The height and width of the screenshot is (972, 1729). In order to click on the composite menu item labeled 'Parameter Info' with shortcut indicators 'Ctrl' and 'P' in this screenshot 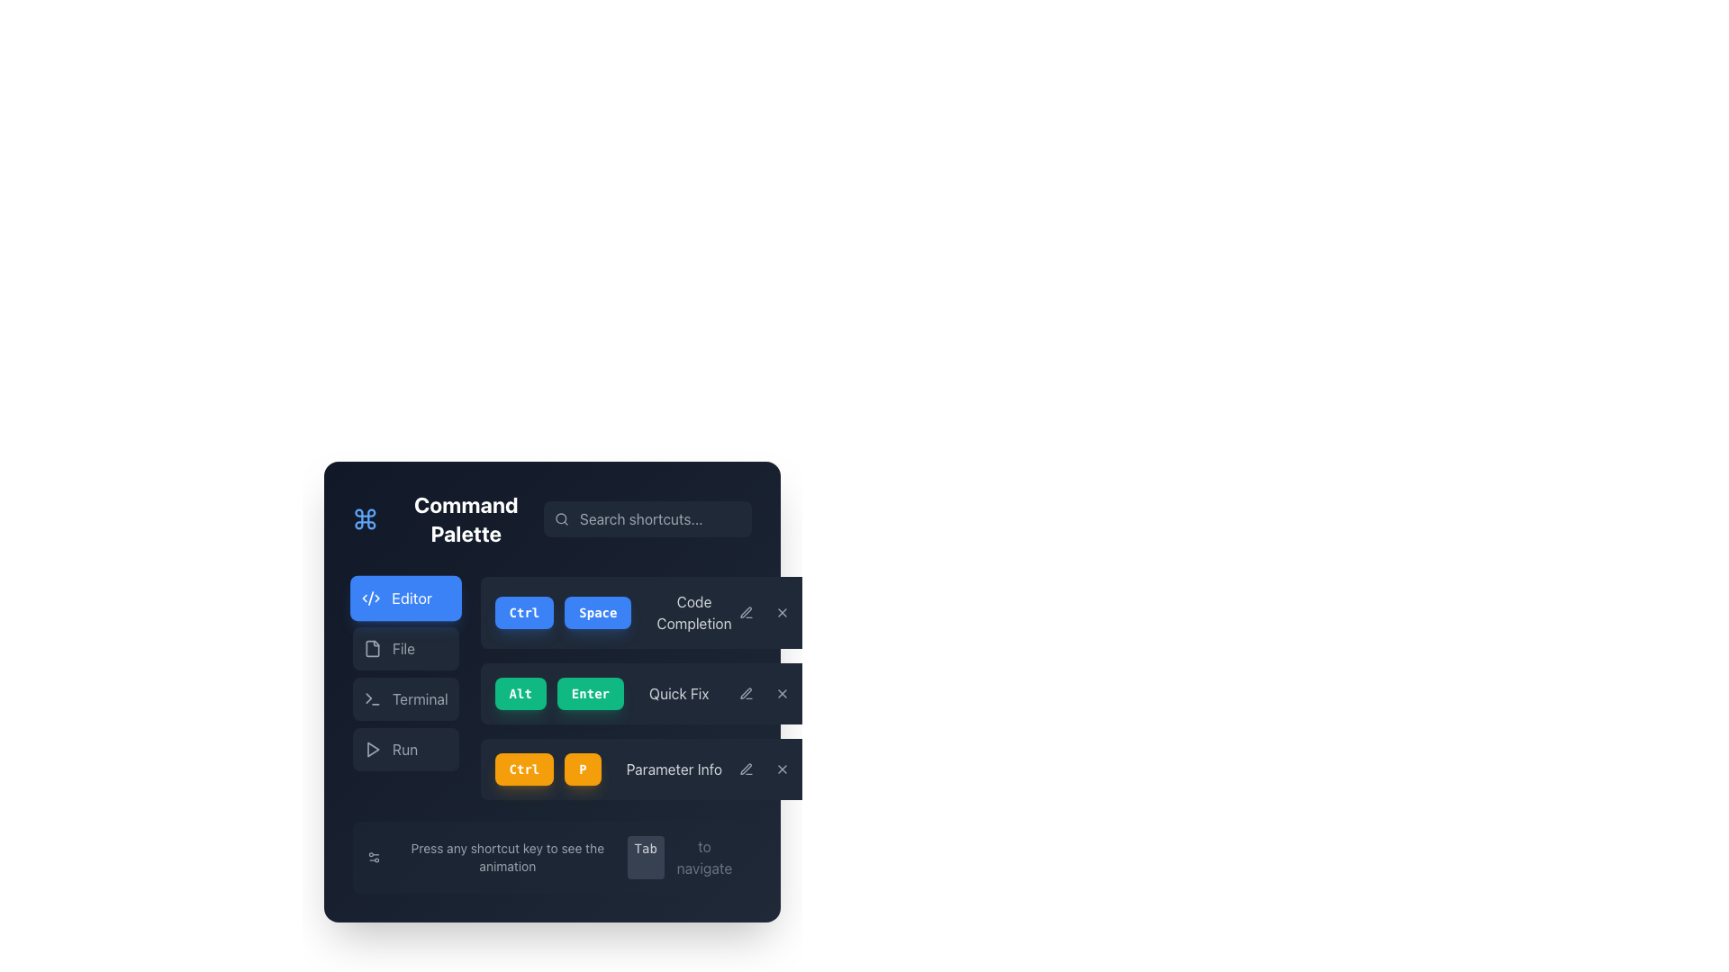, I will do `click(608, 769)`.